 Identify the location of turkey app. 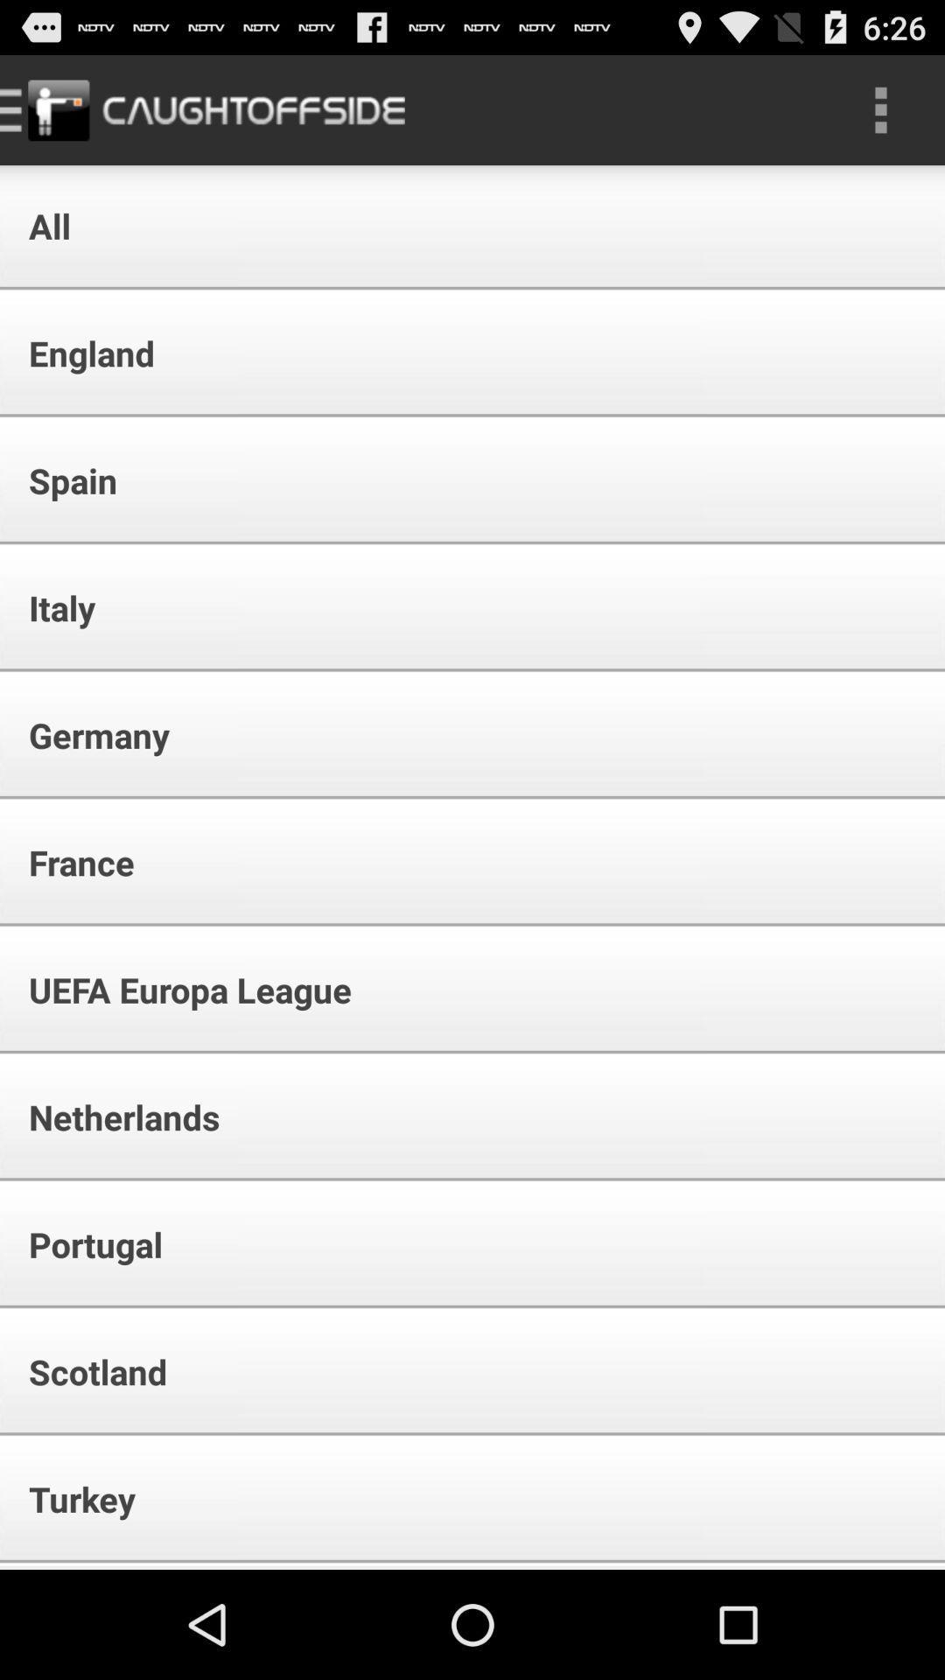
(70, 1498).